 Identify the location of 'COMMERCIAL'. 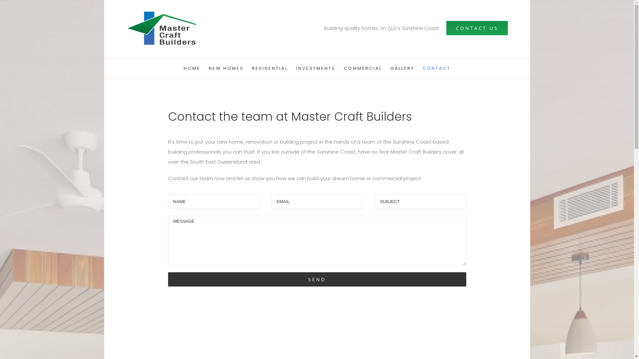
(362, 68).